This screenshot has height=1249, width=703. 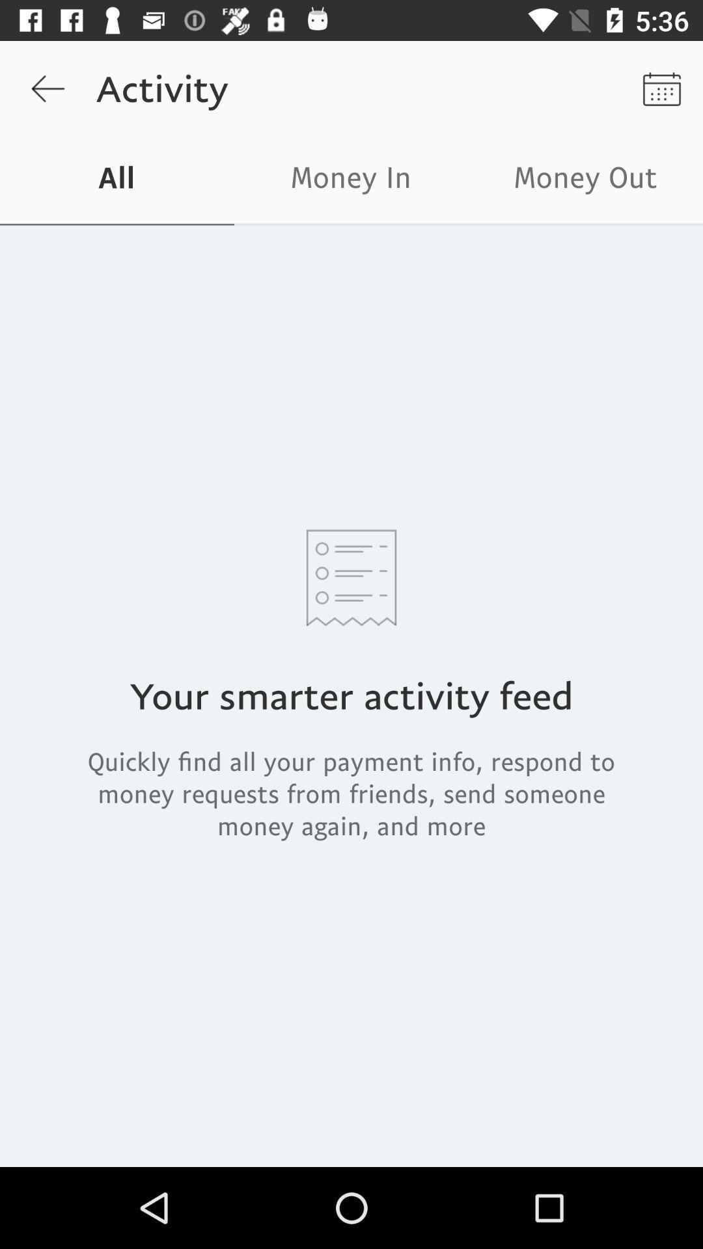 What do you see at coordinates (662, 88) in the screenshot?
I see `the icon above the money out` at bounding box center [662, 88].